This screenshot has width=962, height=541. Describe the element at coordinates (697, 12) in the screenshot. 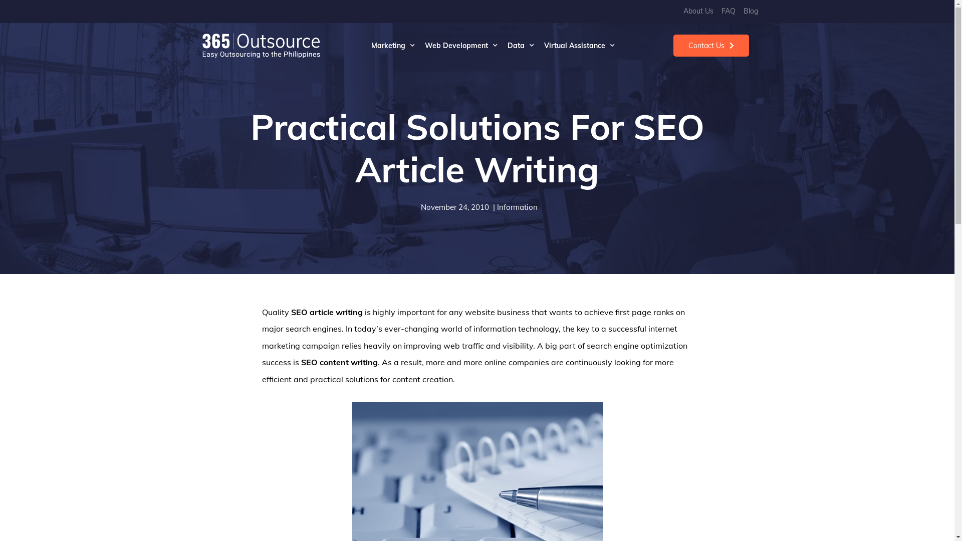

I see `'About Us'` at that location.